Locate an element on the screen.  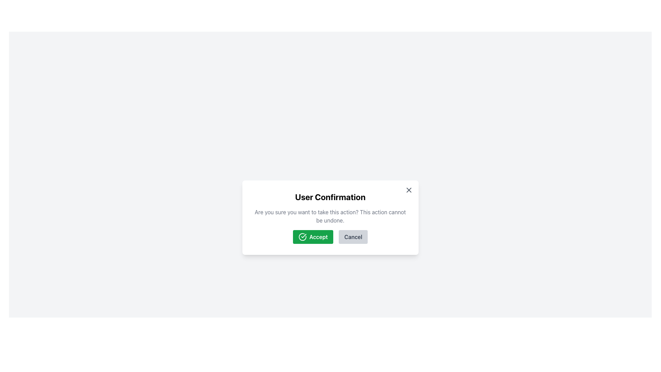
the SVG Icon to the left of the 'Accept' text within the green 'Accept' button in the dialog box is located at coordinates (302, 236).